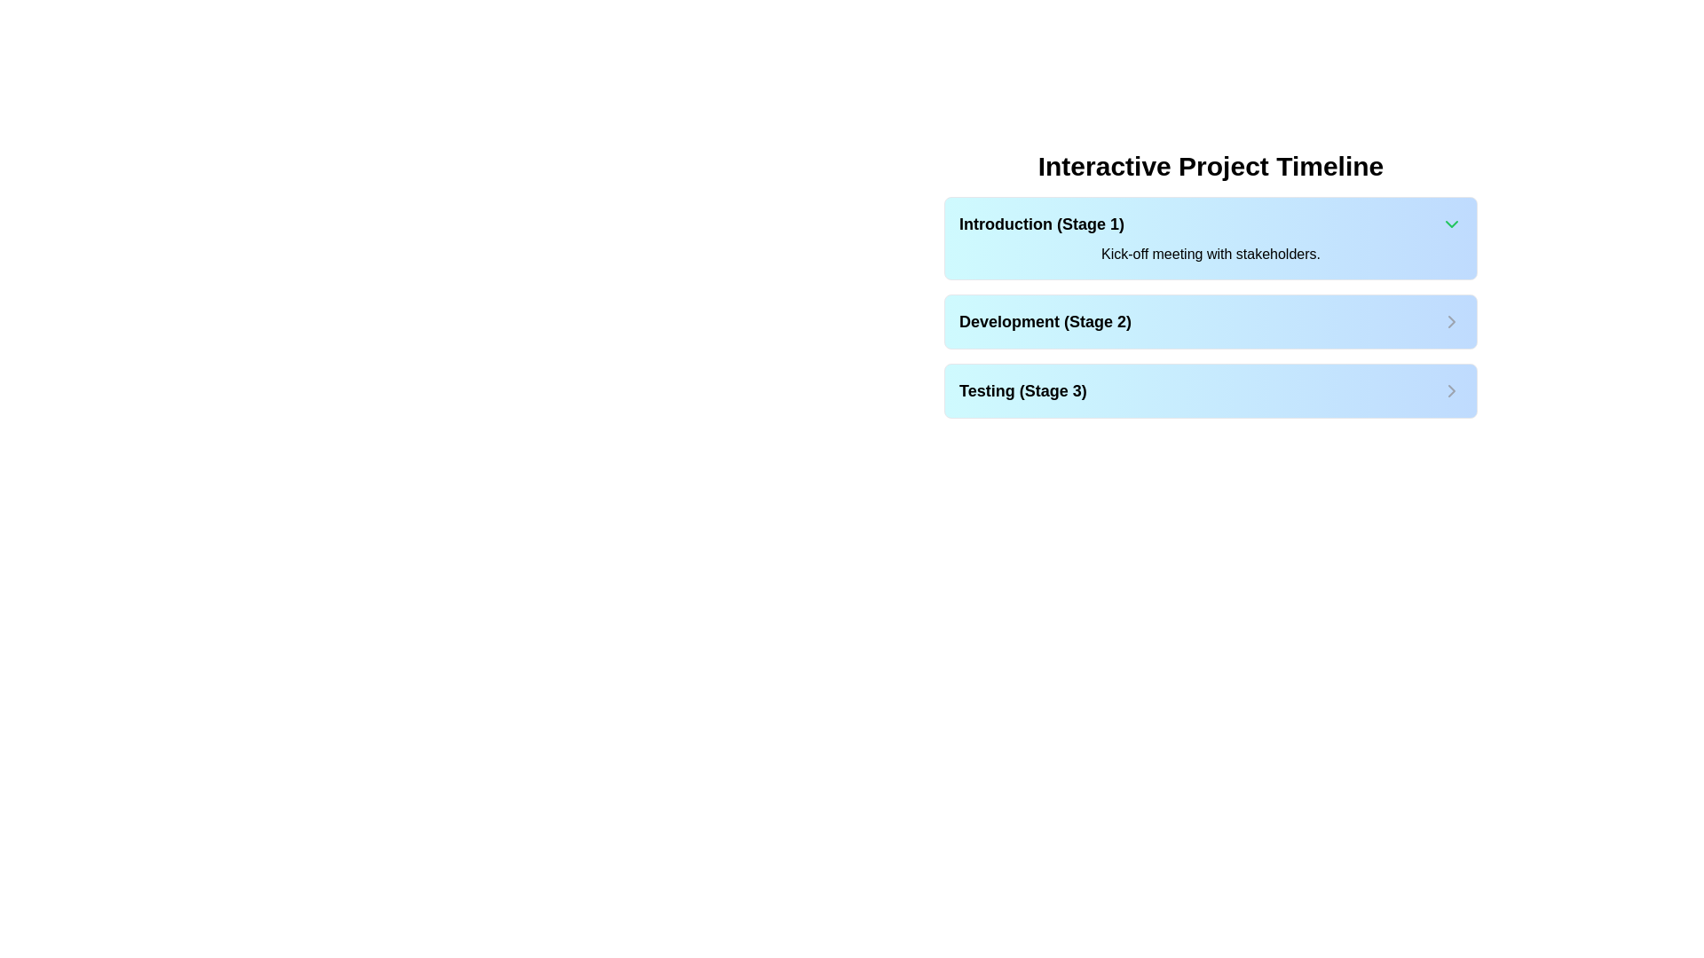 This screenshot has width=1704, height=958. I want to click on the clickable panel representing 'Stage 2: Development' in the project timeline, so click(1210, 321).